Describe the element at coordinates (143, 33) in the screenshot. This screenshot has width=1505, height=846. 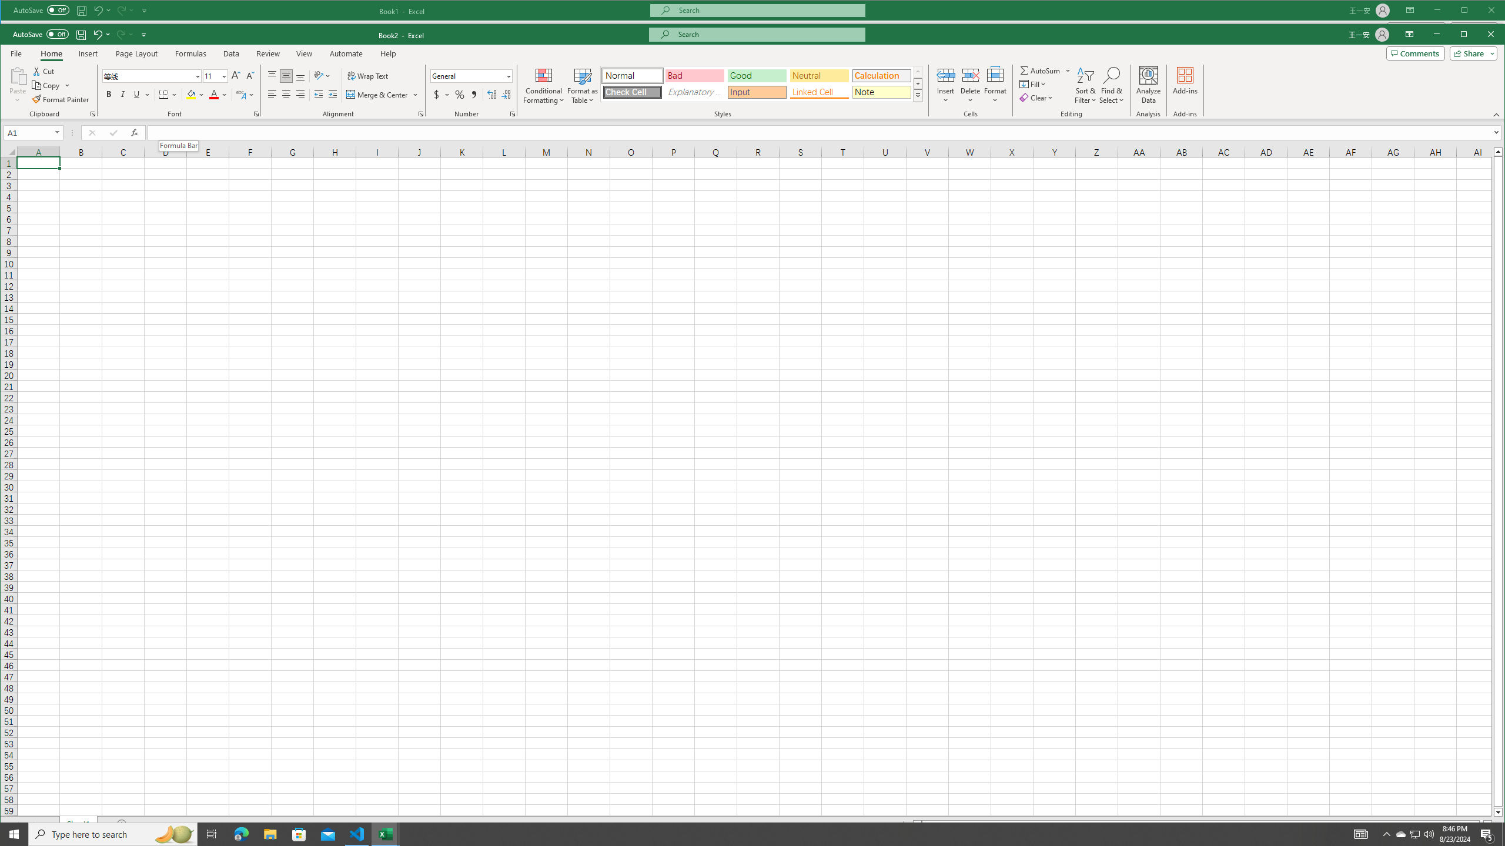
I see `'Customize Quick Access Toolbar'` at that location.